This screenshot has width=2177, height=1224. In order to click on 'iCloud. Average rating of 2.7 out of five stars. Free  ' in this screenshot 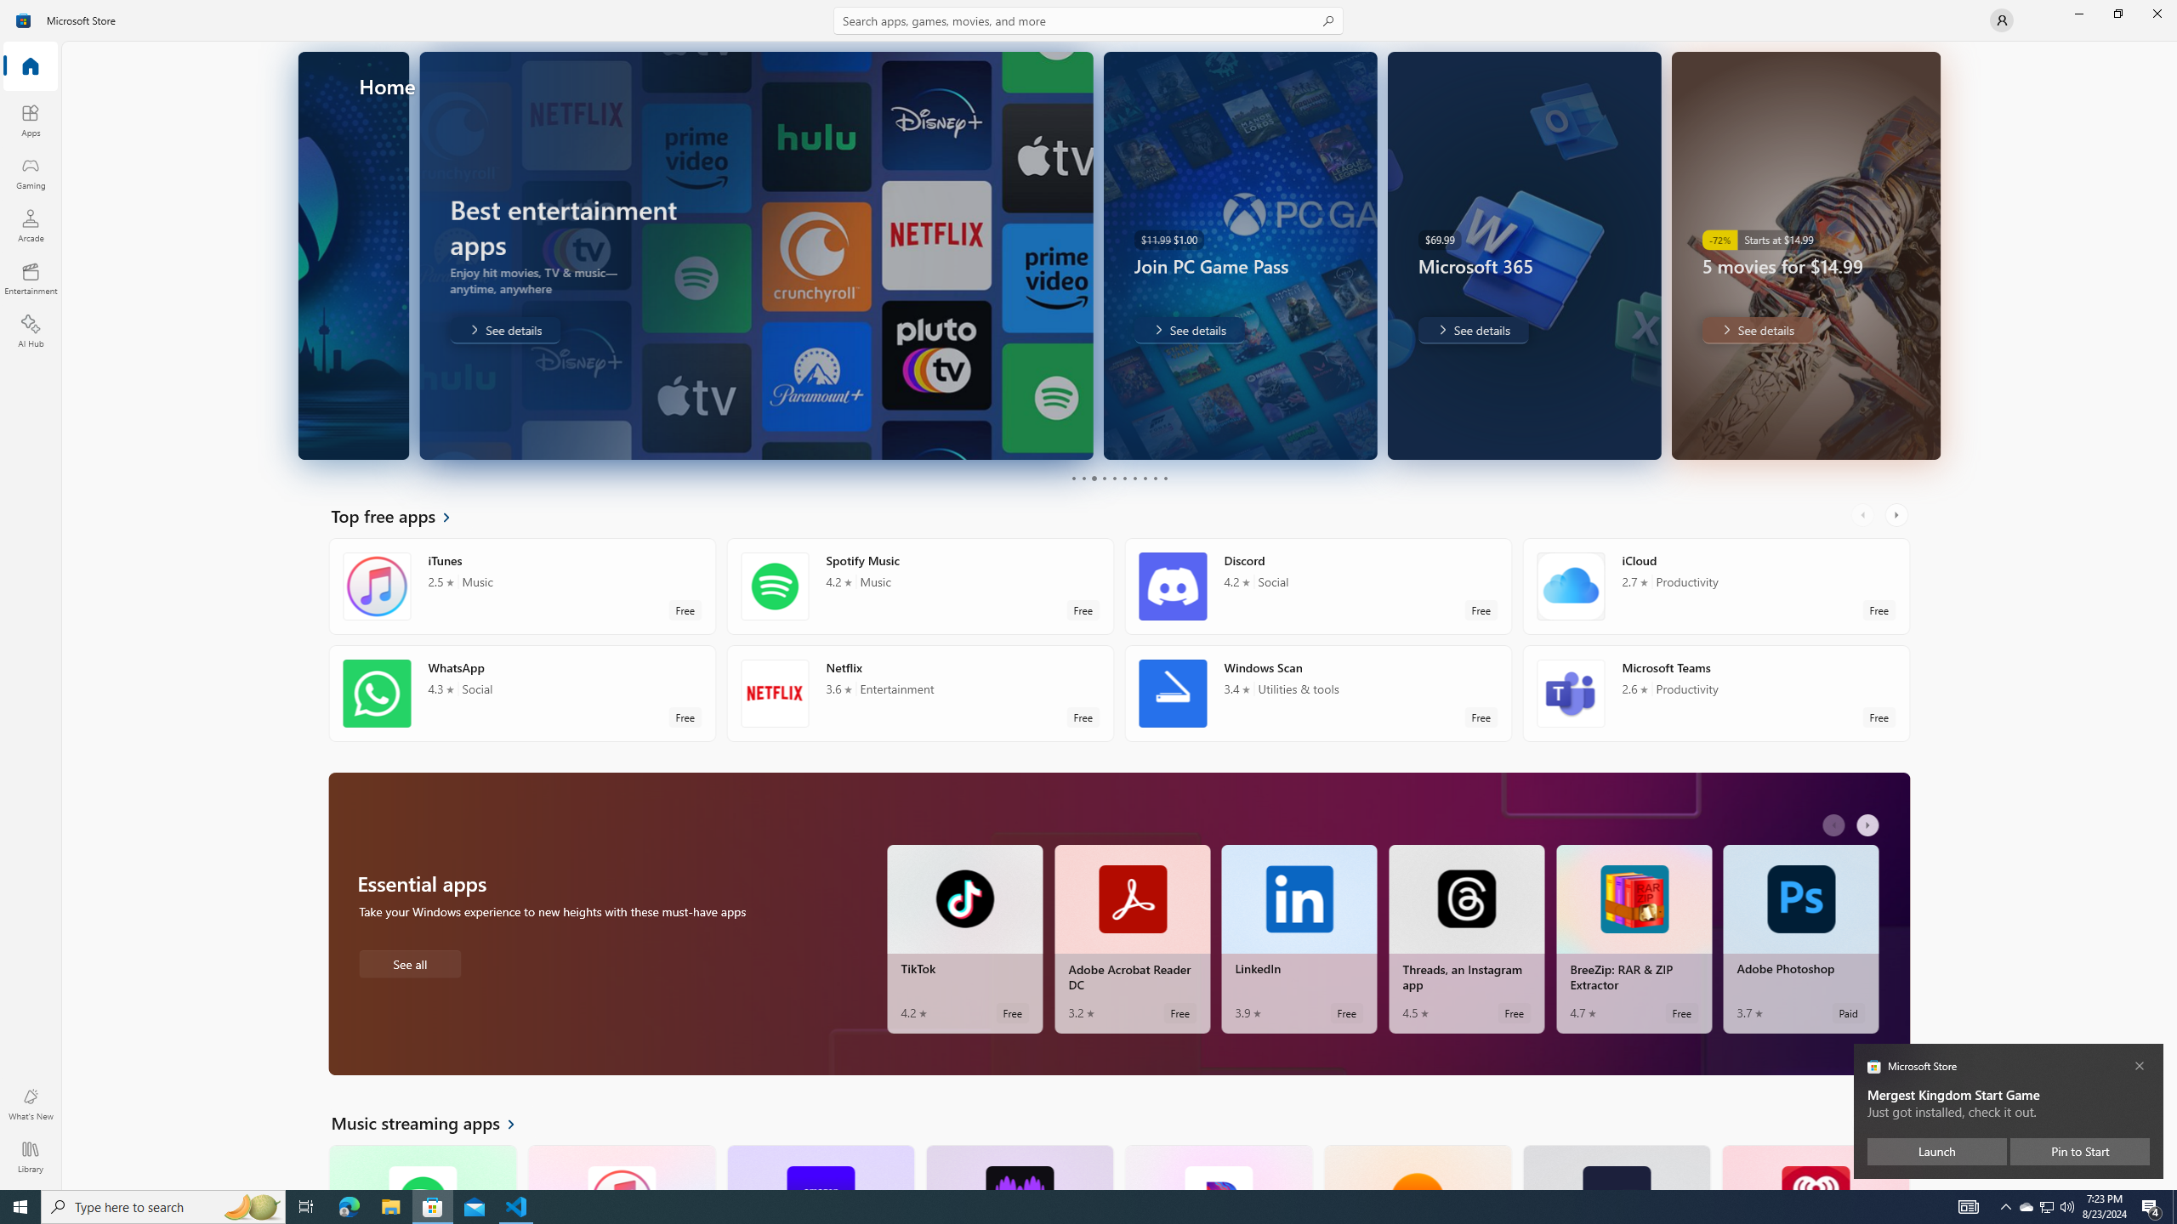, I will do `click(1715, 586)`.